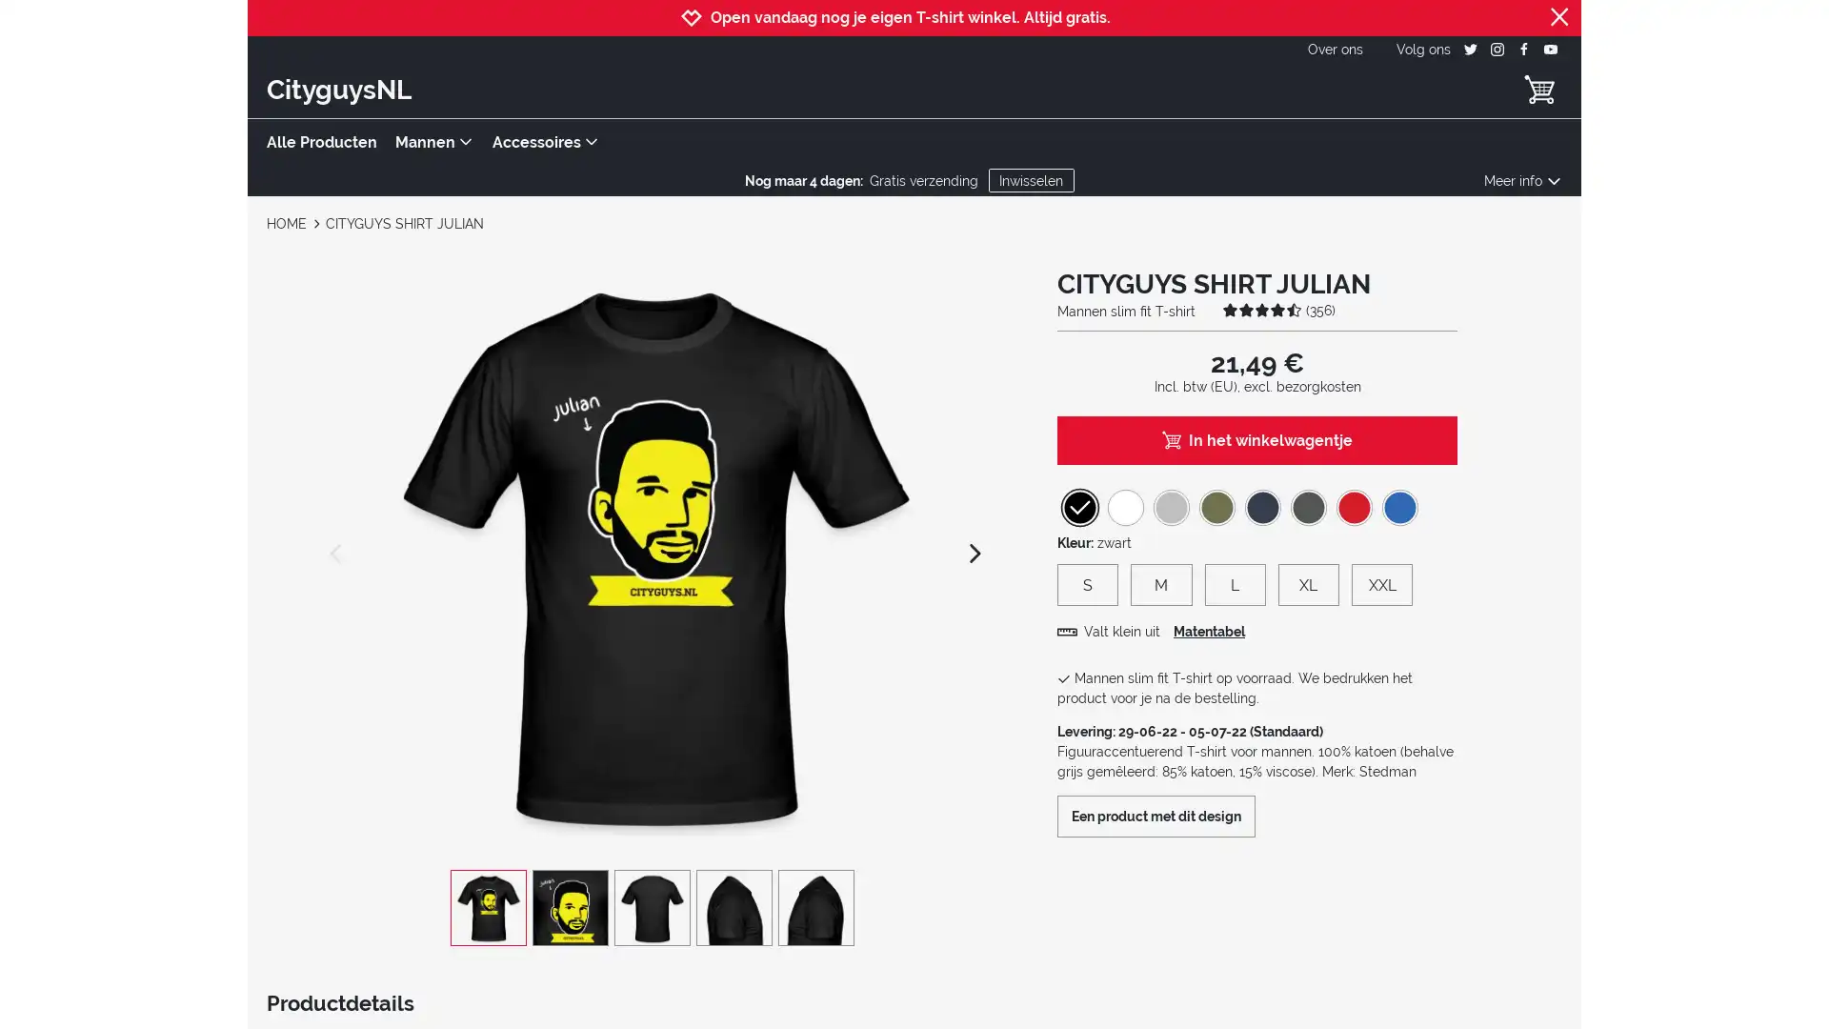 The height and width of the screenshot is (1029, 1829). I want to click on XXL, so click(1381, 583).